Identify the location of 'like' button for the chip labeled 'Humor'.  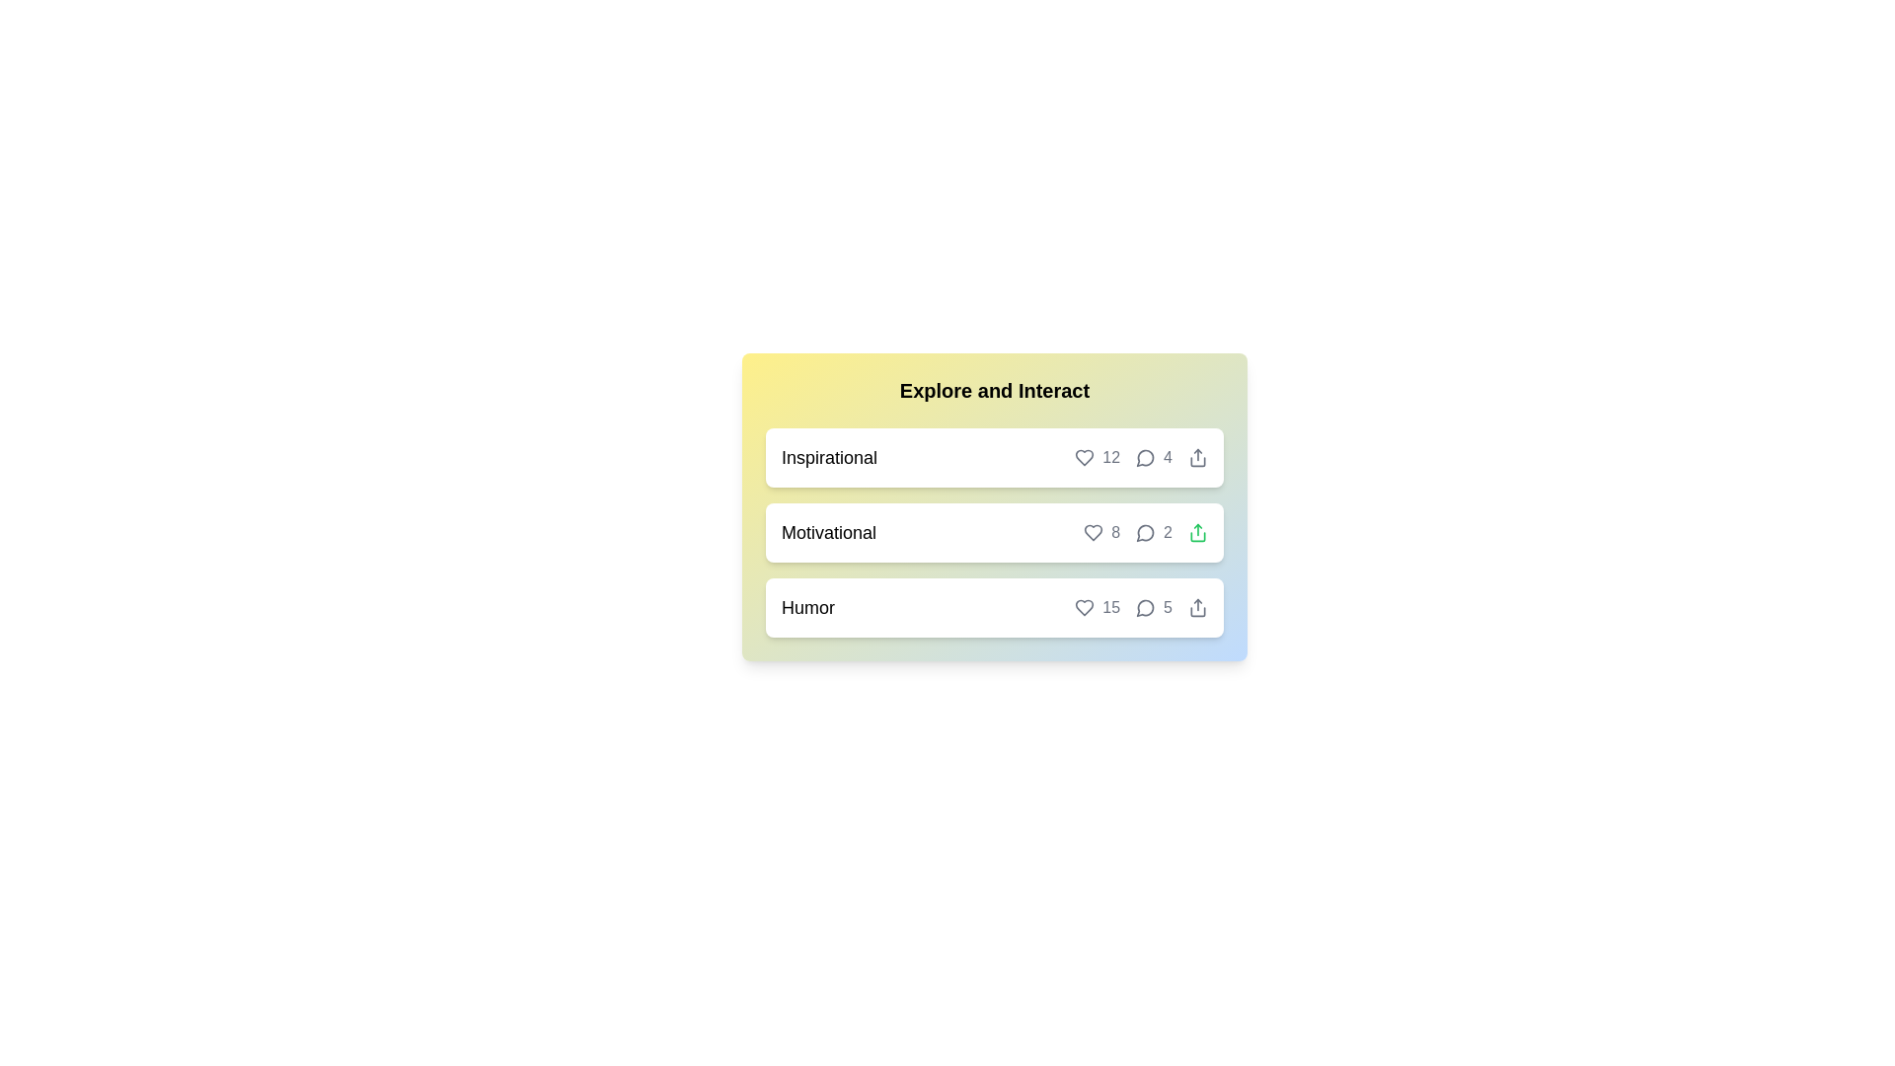
(1097, 607).